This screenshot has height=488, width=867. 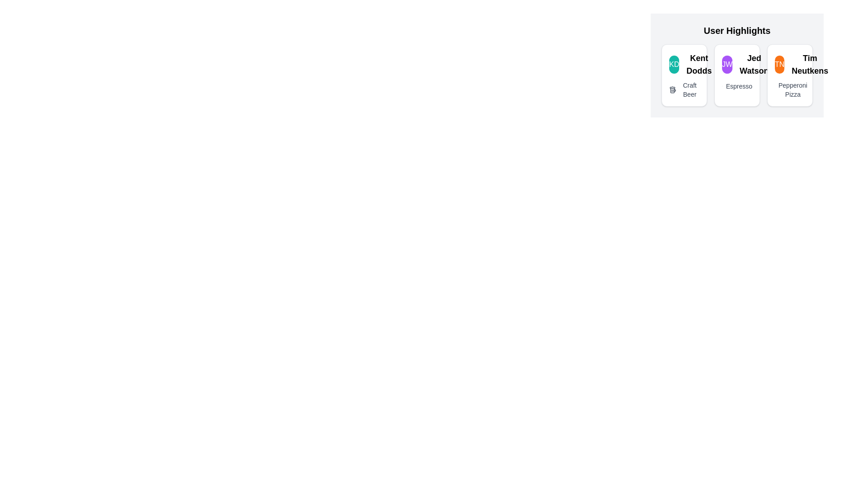 What do you see at coordinates (754, 64) in the screenshot?
I see `the text label displaying 'Jed Watson', which is bold and larger than adjacent elements, located in the second column of cards, beneath a circular icon with initials 'JW'` at bounding box center [754, 64].